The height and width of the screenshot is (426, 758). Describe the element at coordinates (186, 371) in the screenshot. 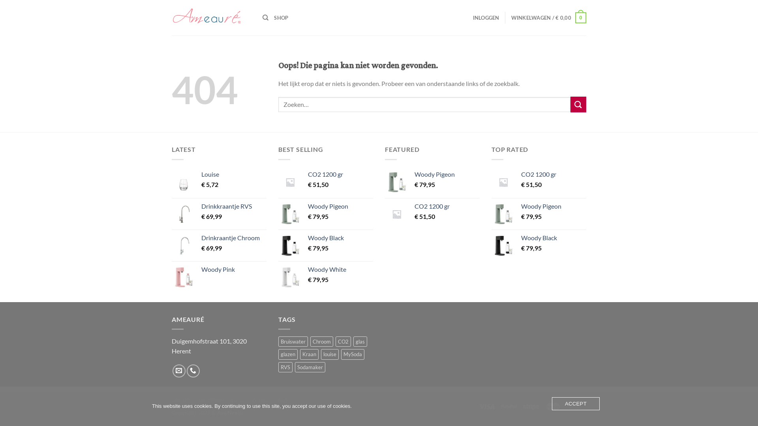

I see `'Call us'` at that location.